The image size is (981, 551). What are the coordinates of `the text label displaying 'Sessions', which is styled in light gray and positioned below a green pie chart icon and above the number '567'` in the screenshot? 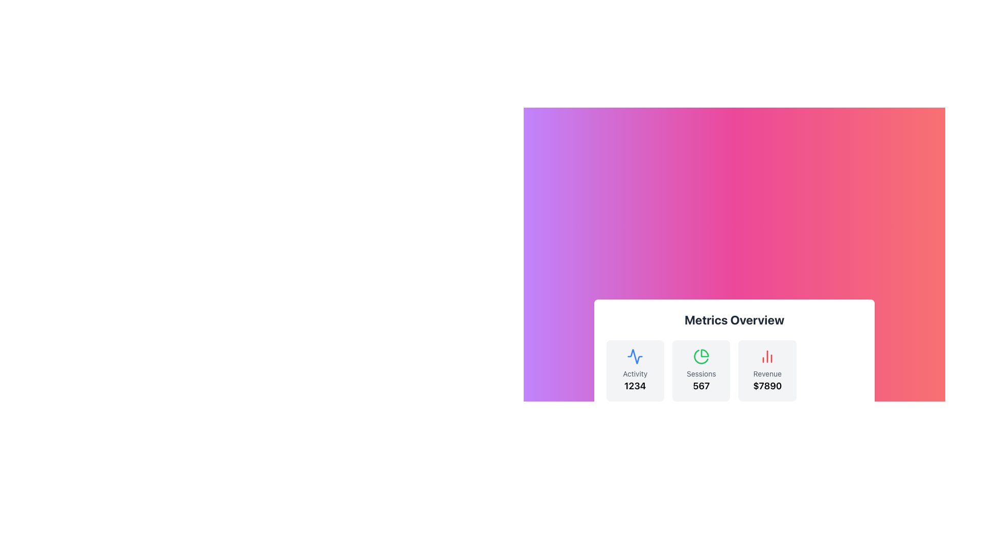 It's located at (700, 373).